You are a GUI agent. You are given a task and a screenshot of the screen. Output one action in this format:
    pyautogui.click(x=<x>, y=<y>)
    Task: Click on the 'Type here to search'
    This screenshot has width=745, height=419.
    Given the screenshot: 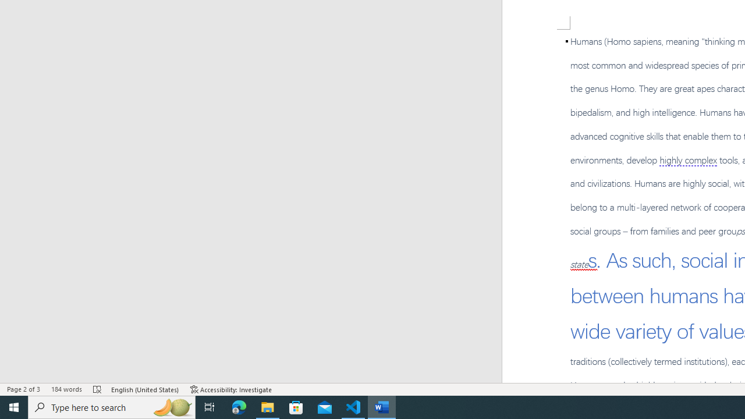 What is the action you would take?
    pyautogui.click(x=112, y=406)
    